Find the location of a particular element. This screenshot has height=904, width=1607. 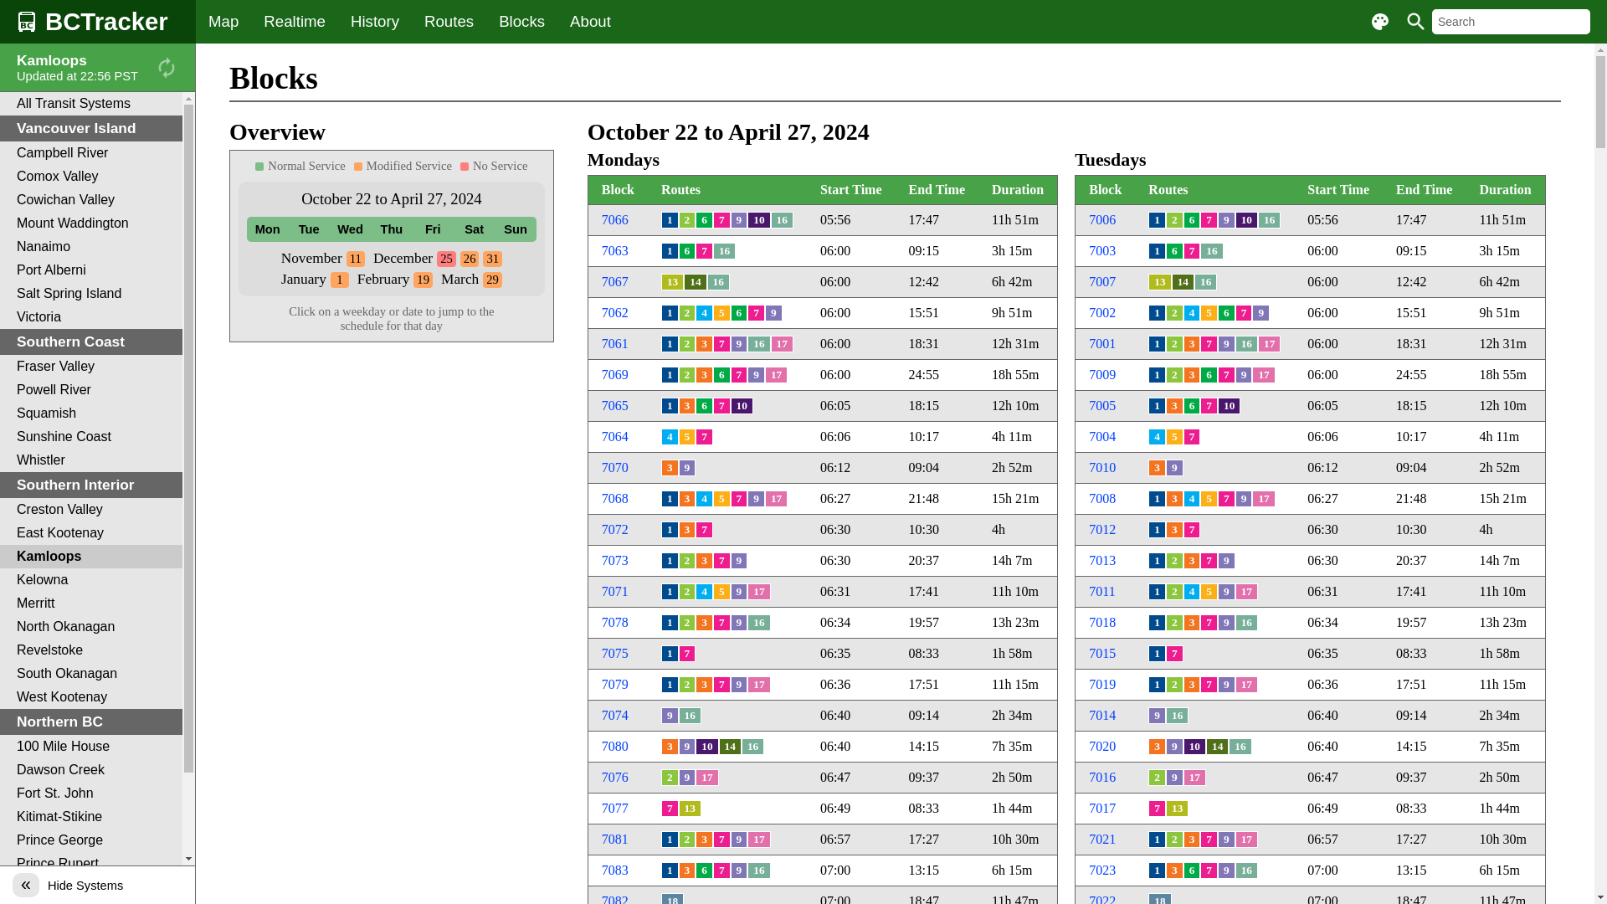

'2' is located at coordinates (687, 373).